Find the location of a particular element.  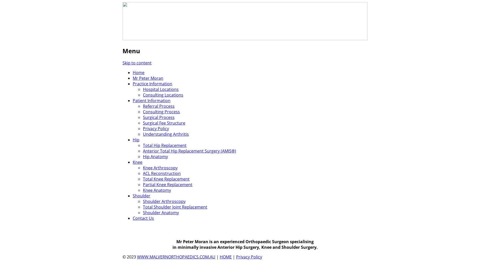

'Home' is located at coordinates (132, 73).